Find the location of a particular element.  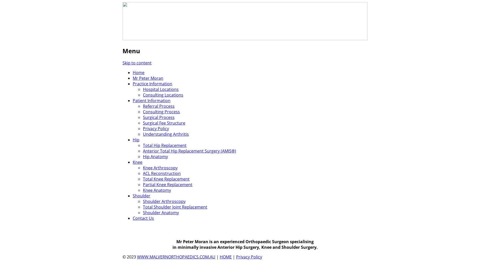

'Home' is located at coordinates (132, 73).